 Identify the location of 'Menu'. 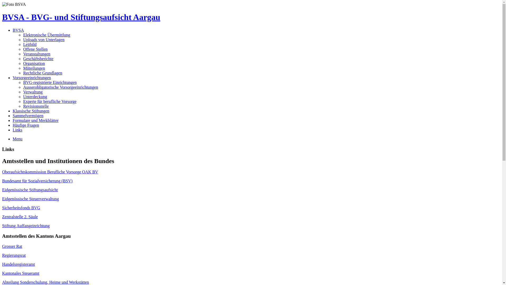
(17, 139).